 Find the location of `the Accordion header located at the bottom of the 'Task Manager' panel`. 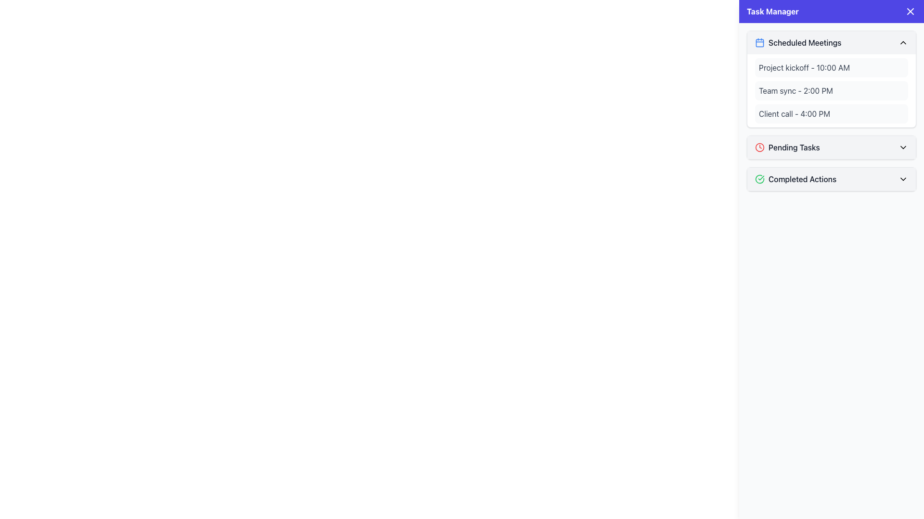

the Accordion header located at the bottom of the 'Task Manager' panel is located at coordinates (831, 179).